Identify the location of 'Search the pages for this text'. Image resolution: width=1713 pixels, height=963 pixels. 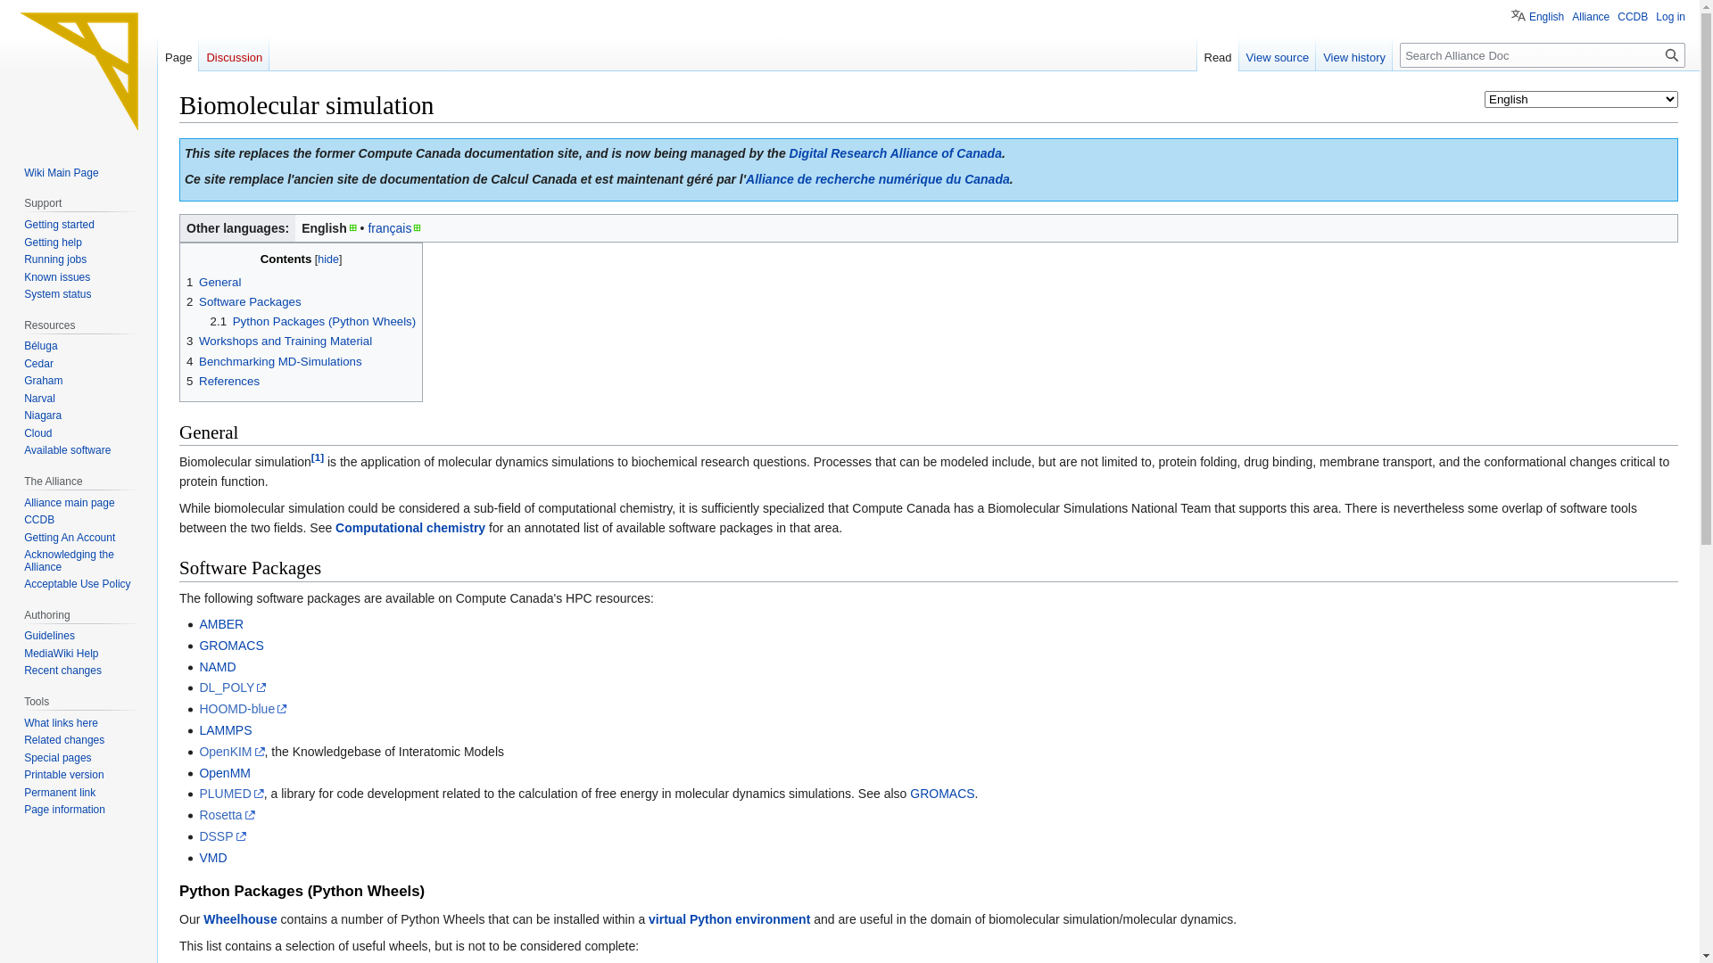
(1670, 53).